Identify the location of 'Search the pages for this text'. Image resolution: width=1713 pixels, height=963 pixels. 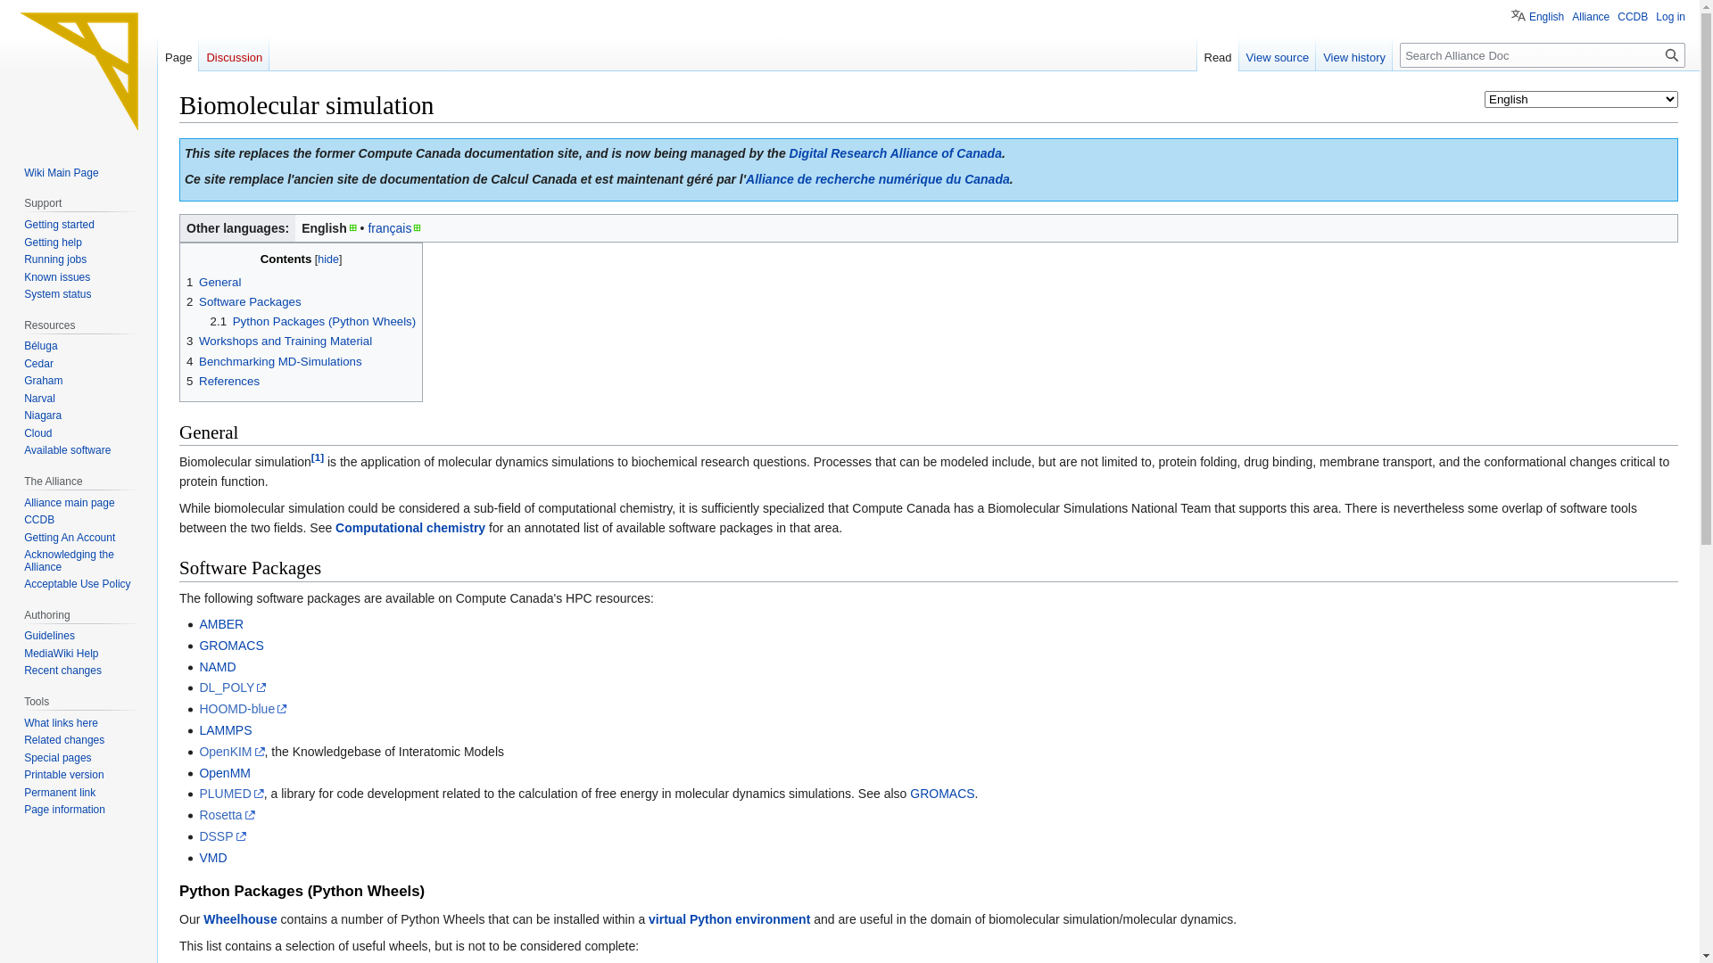
(1670, 53).